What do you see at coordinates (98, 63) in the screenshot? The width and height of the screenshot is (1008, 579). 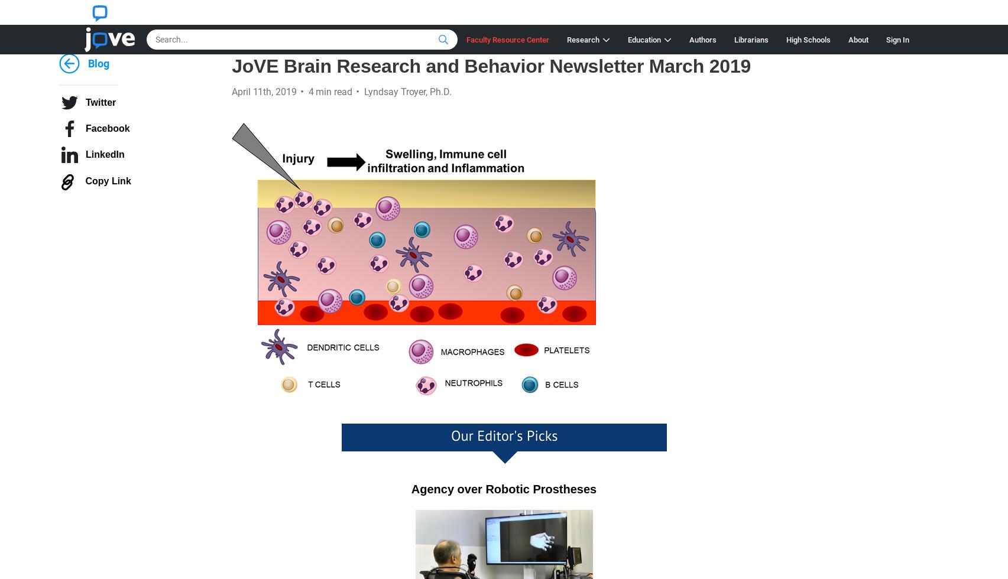 I see `'Blog'` at bounding box center [98, 63].